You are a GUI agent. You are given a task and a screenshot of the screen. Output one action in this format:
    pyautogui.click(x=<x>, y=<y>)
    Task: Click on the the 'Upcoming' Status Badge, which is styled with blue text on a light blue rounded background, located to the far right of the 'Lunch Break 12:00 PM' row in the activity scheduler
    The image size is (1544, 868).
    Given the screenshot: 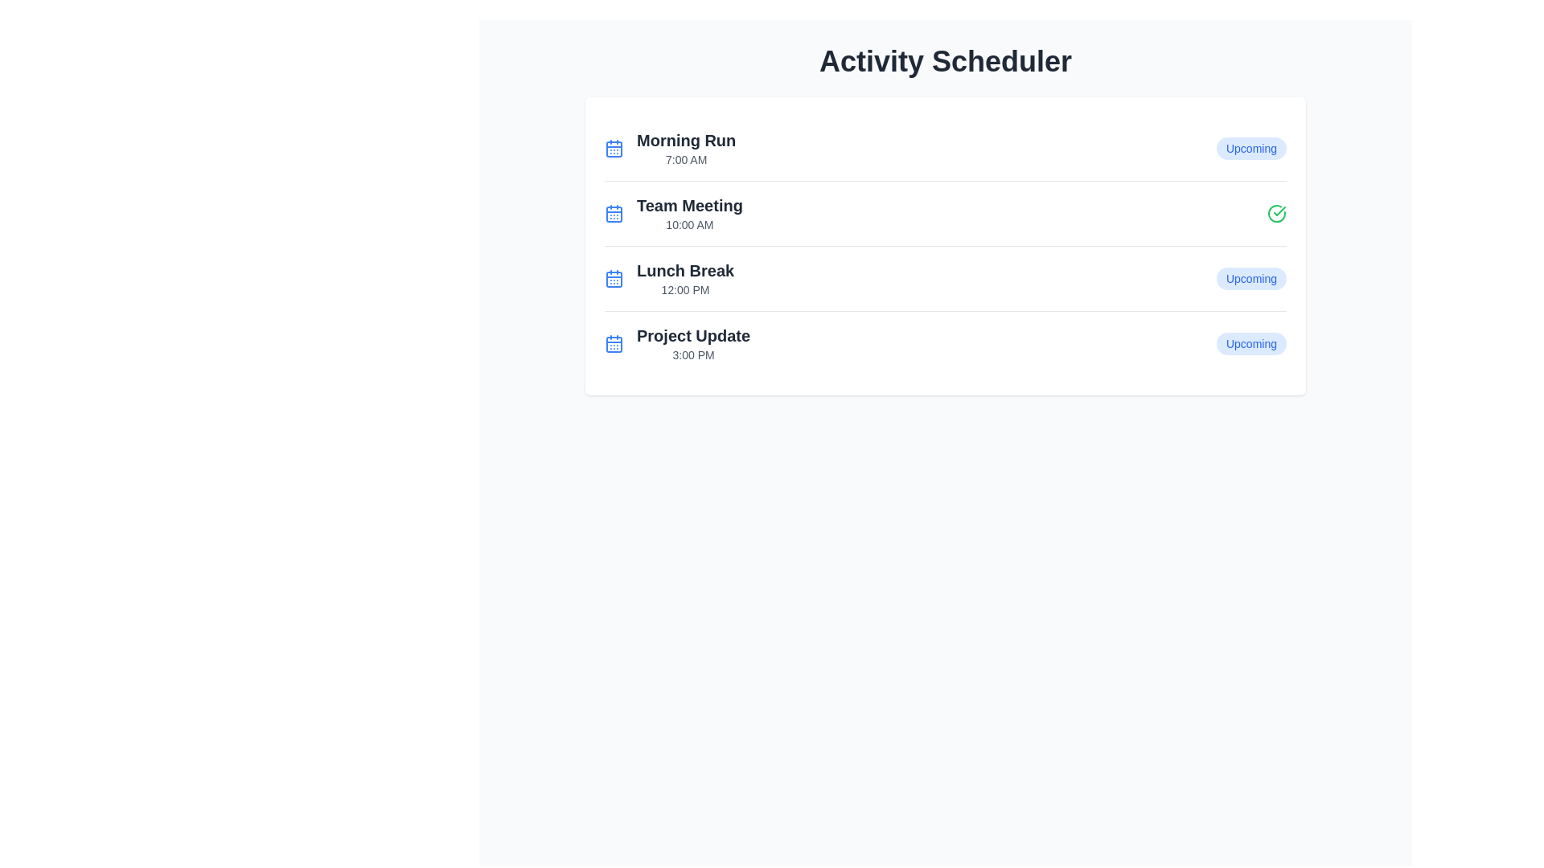 What is the action you would take?
    pyautogui.click(x=1250, y=278)
    